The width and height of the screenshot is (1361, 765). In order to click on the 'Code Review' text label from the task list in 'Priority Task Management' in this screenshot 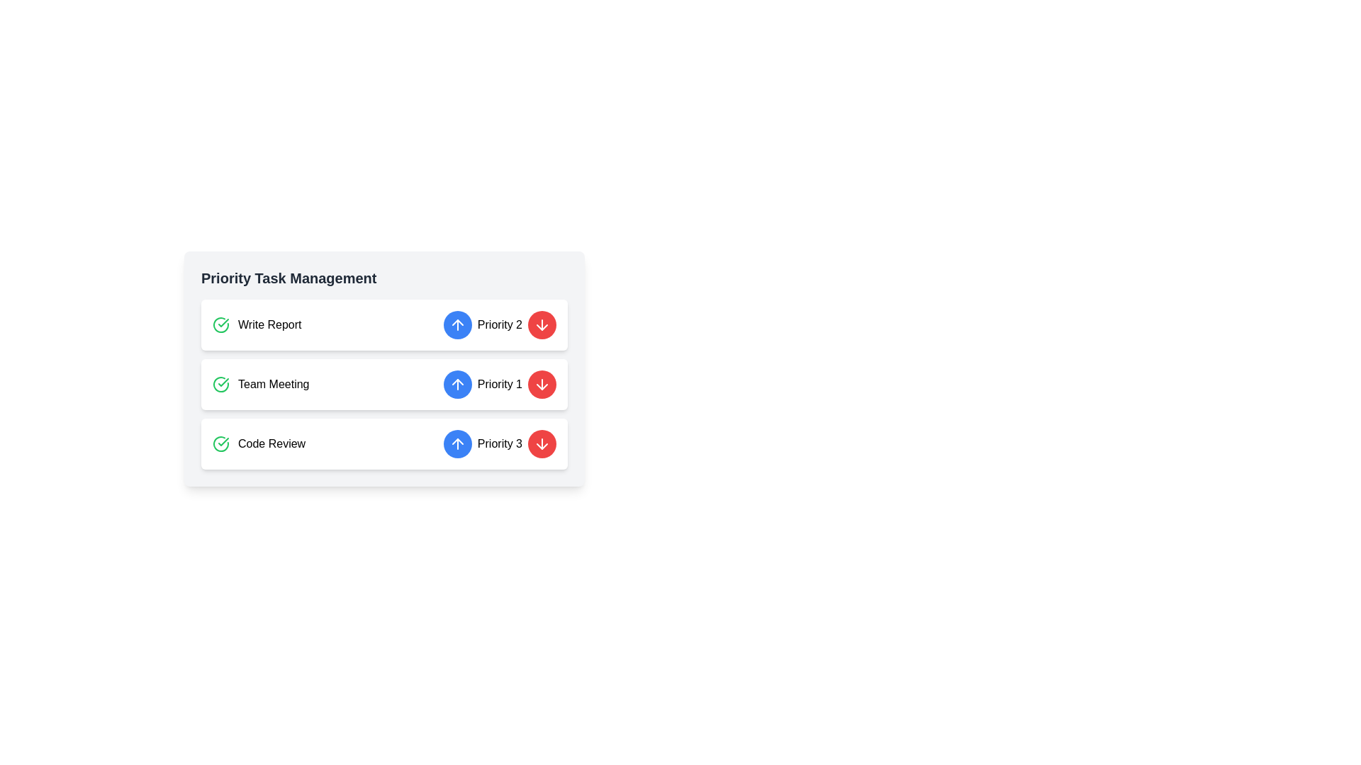, I will do `click(271, 443)`.